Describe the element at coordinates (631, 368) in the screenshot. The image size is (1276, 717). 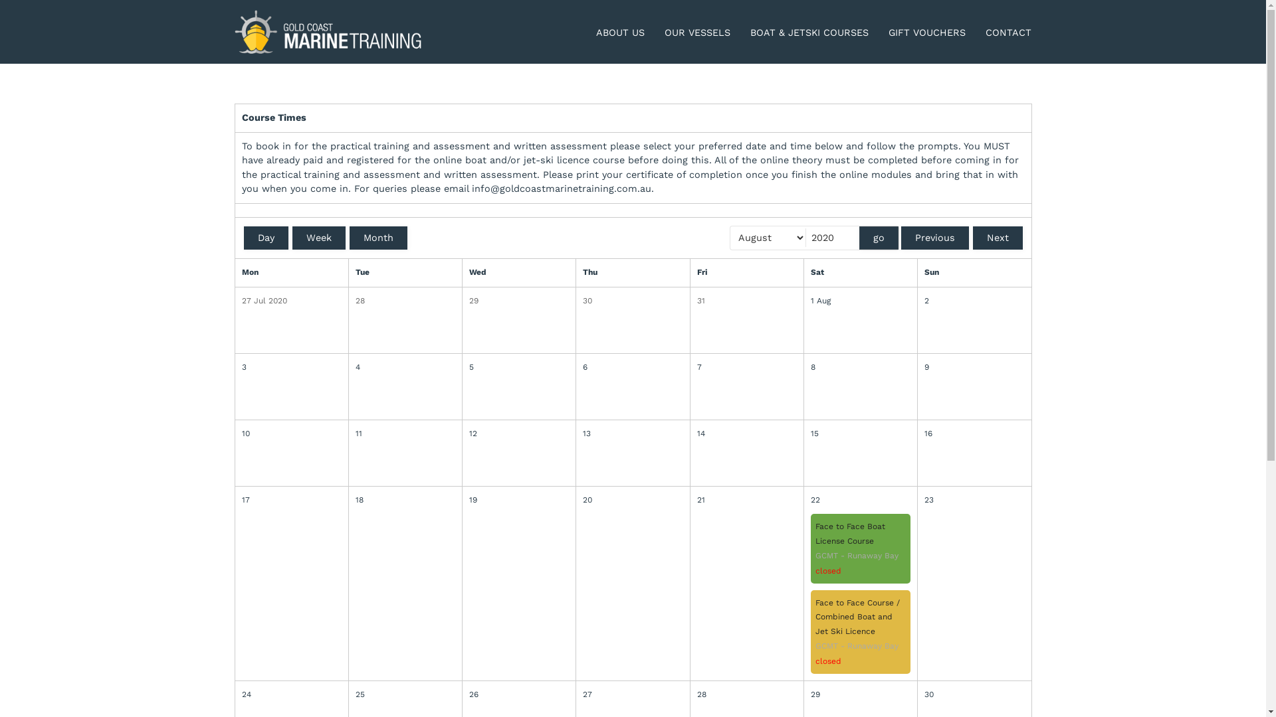
I see `'6'` at that location.